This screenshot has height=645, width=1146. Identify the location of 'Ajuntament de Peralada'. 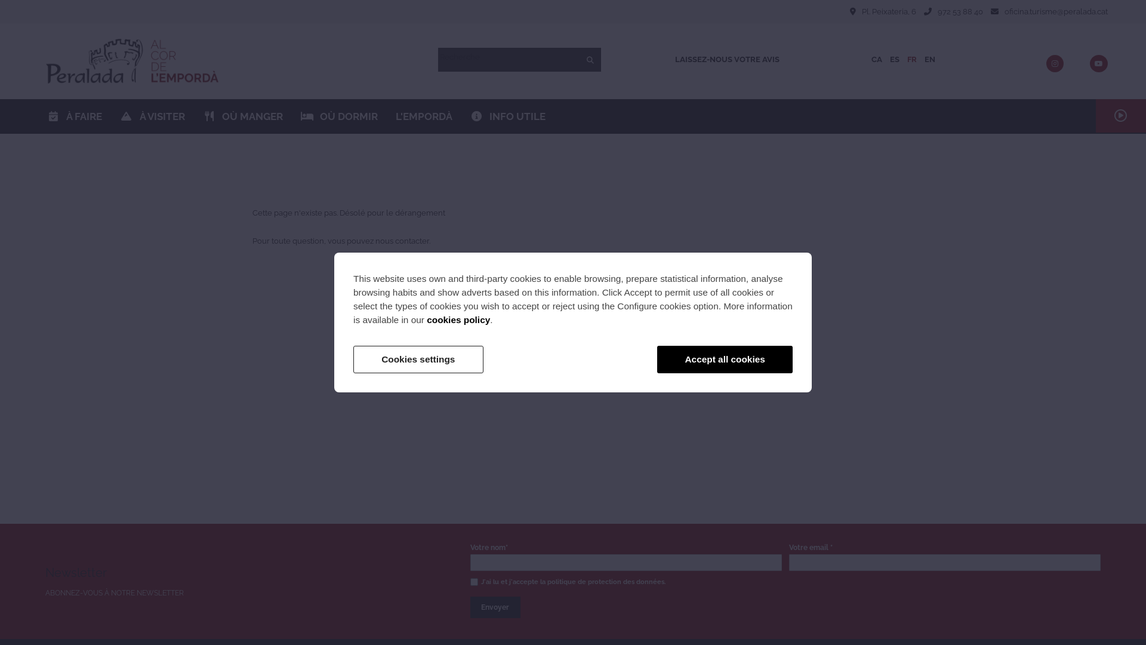
(132, 61).